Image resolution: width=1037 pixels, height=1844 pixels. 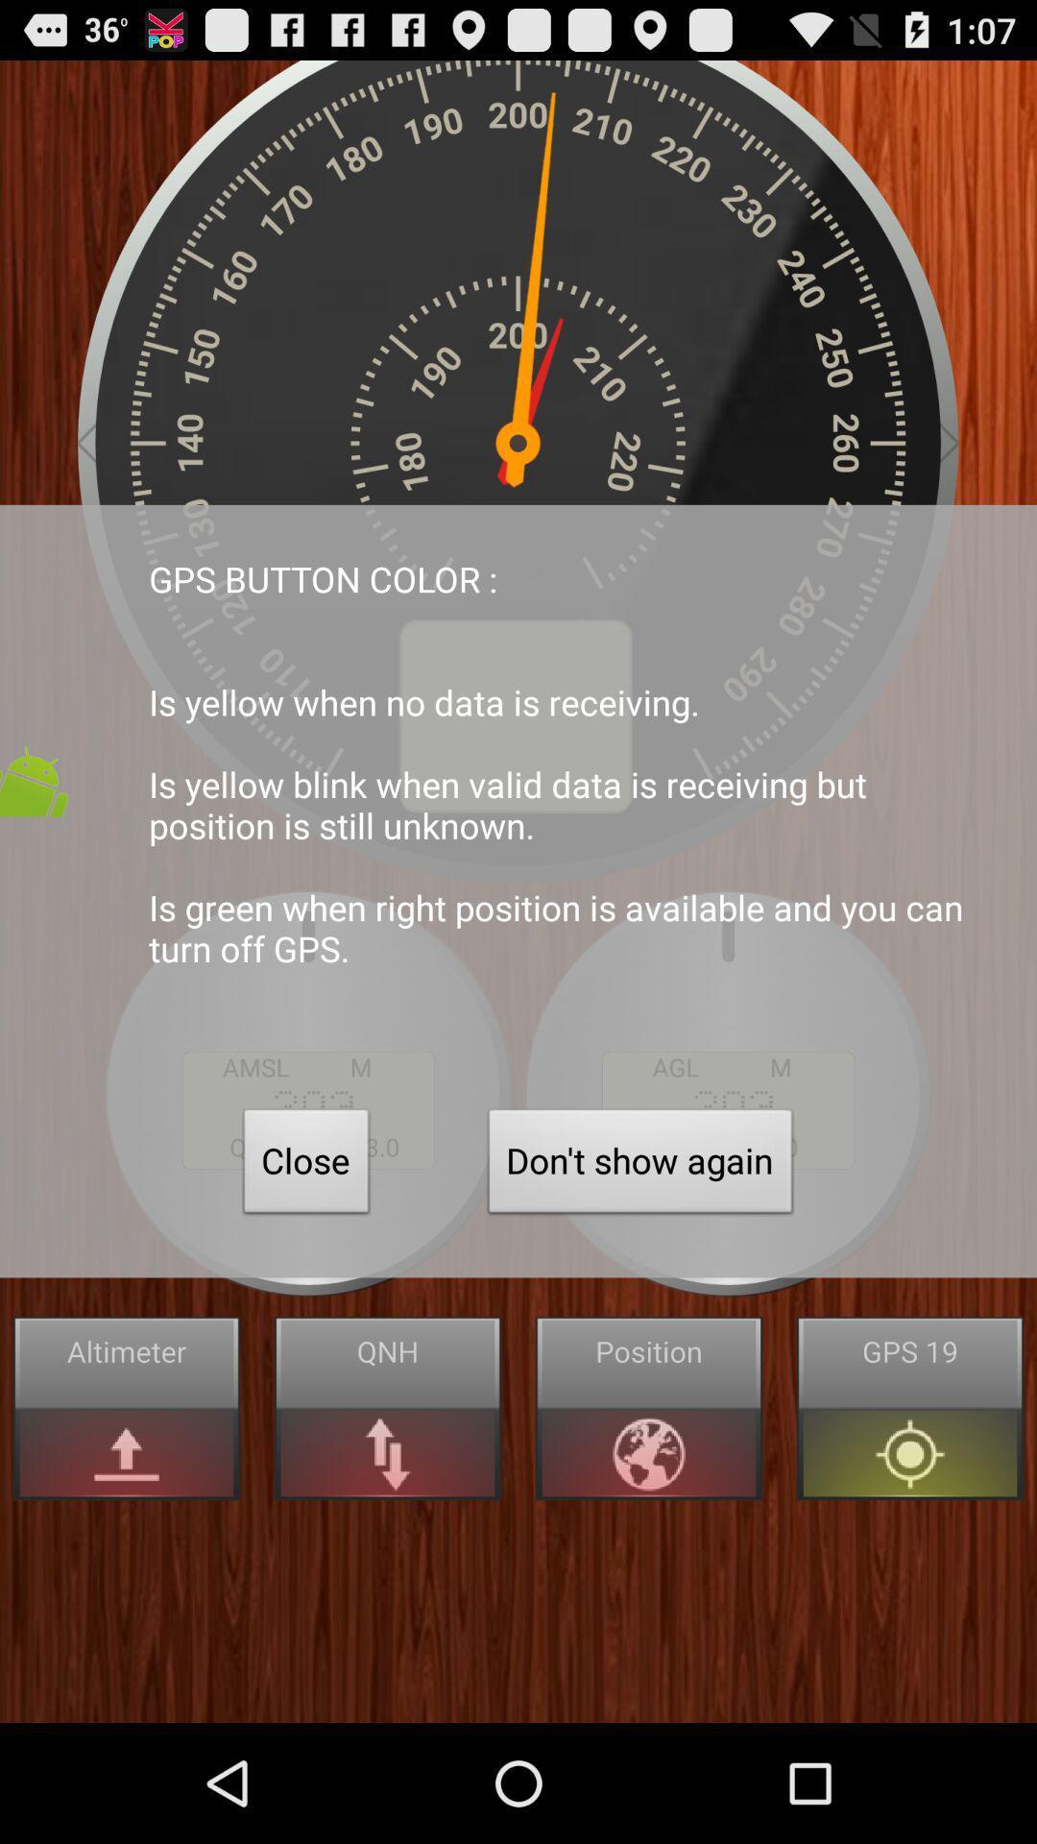 What do you see at coordinates (305, 1165) in the screenshot?
I see `the close button` at bounding box center [305, 1165].